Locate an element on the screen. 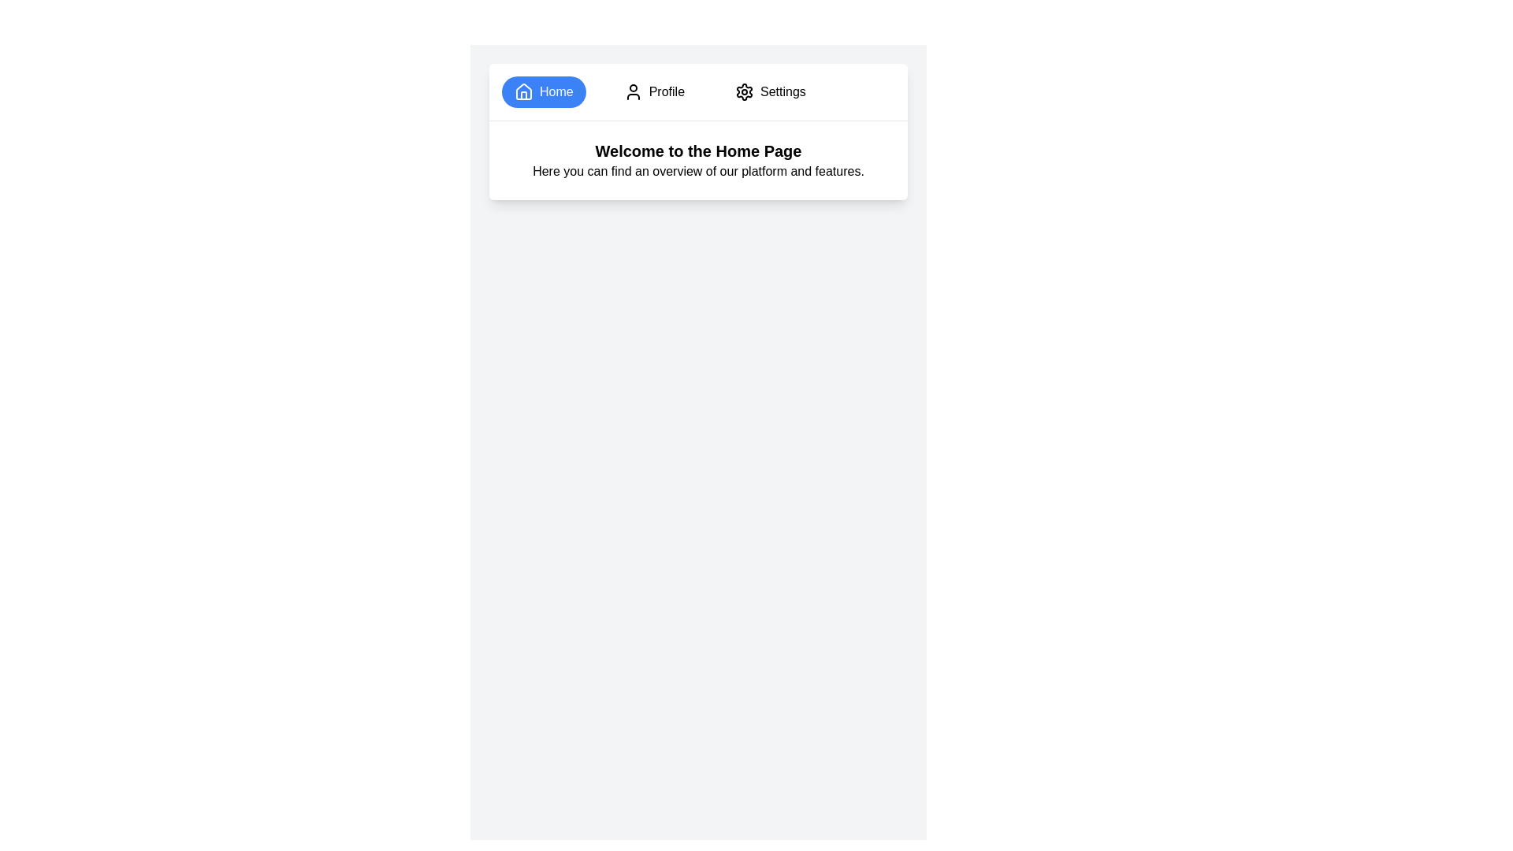  the house-shaped icon with a blue background and white strokes, located to the left of the 'Home' button in the navigation bar is located at coordinates (524, 91).